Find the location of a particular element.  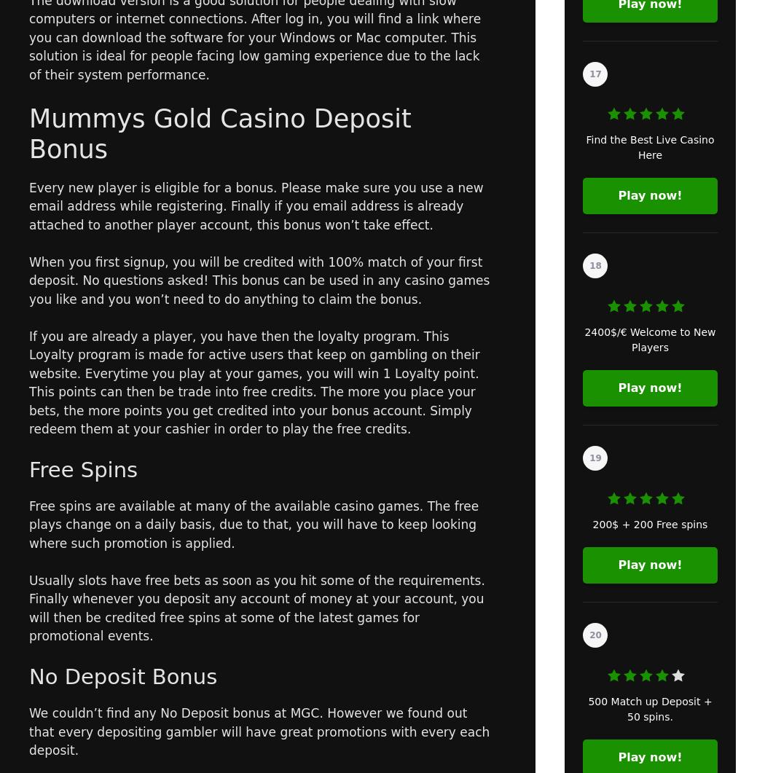

'500 Match up Deposit + 50 spins.' is located at coordinates (648, 708).